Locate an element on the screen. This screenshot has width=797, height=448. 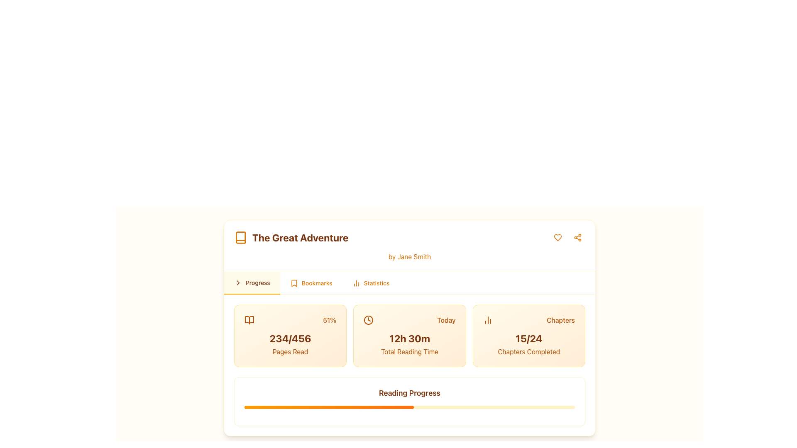
the text label displaying the fraction '234/456' in bold amber color, located beneath the percentage value '51%' and an icon representing a book is located at coordinates (290, 338).